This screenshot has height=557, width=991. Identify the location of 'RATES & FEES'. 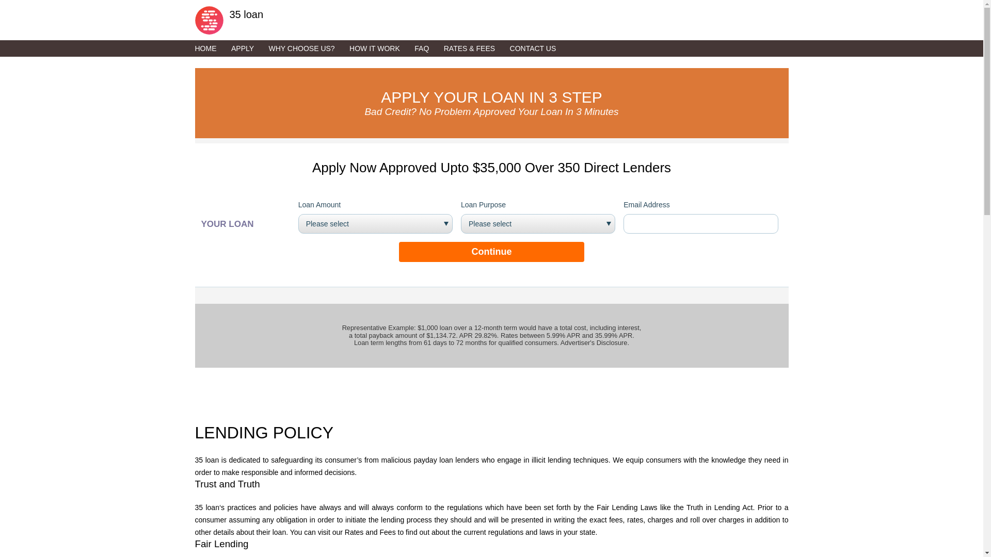
(475, 48).